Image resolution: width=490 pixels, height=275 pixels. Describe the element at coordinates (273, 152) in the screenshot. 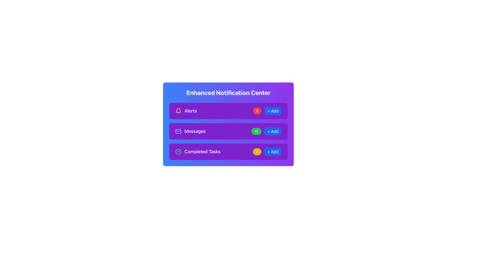

I see `the button located in the 'Completed Tasks' section to the far right of the '3' indicator, which initiates an addition action for a new task` at that location.